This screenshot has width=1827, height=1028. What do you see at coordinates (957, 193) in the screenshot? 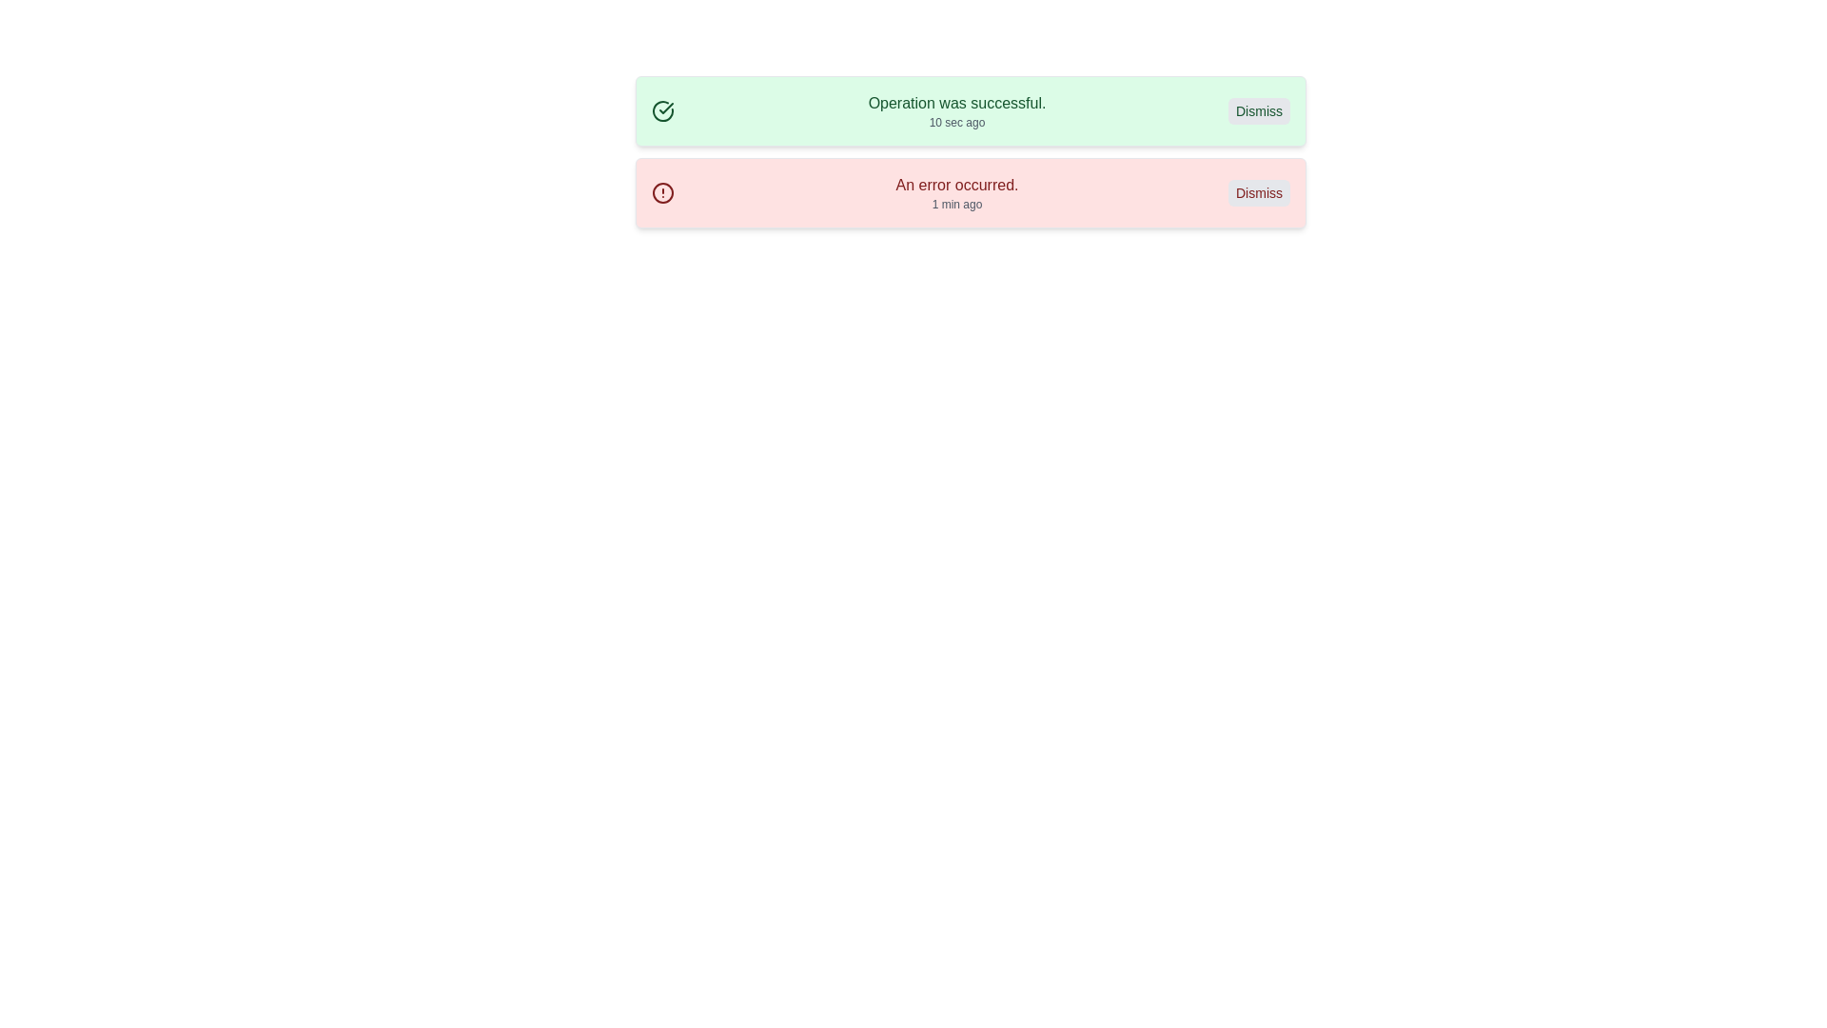
I see `the Text Display Area that displays 'An error occurred.' in bold with a timestamp '1 min ago' below it` at bounding box center [957, 193].